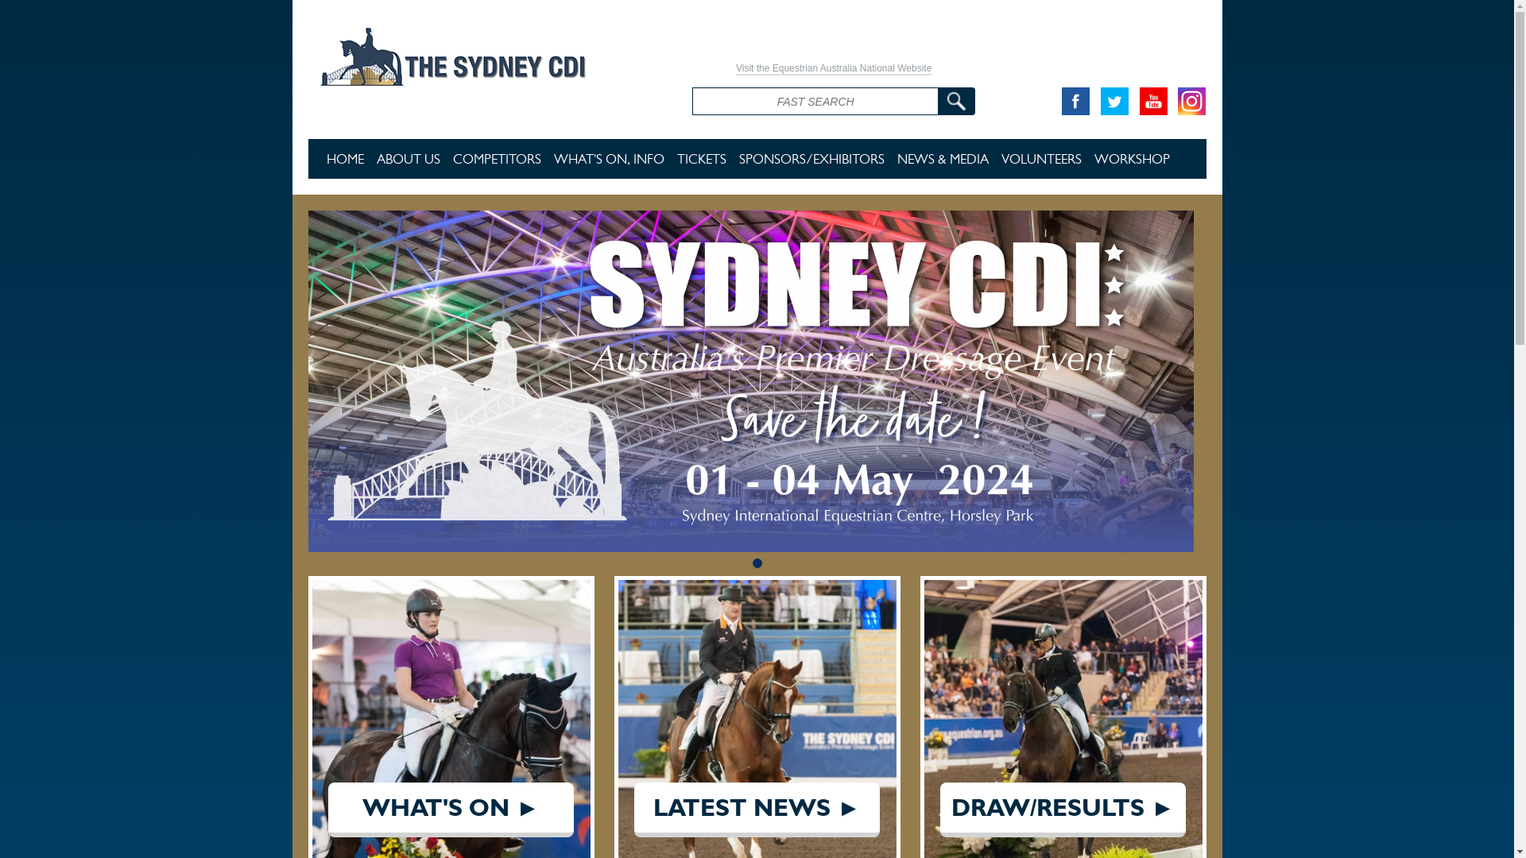 The height and width of the screenshot is (858, 1526). Describe the element at coordinates (319, 159) in the screenshot. I see `'HOME'` at that location.